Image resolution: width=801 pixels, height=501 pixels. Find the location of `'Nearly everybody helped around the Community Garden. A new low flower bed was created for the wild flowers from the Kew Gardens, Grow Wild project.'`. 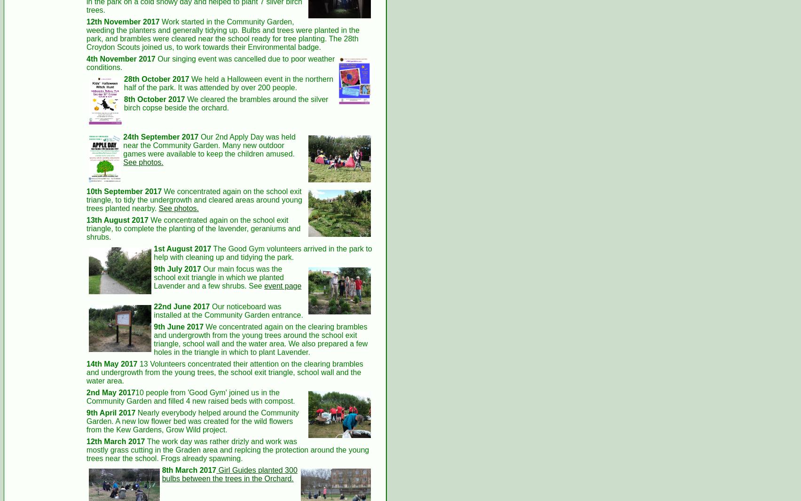

'Nearly everybody helped around the Community Garden. A new low flower bed was created for the wild flowers from the Kew Gardens, Grow Wild project.' is located at coordinates (192, 421).